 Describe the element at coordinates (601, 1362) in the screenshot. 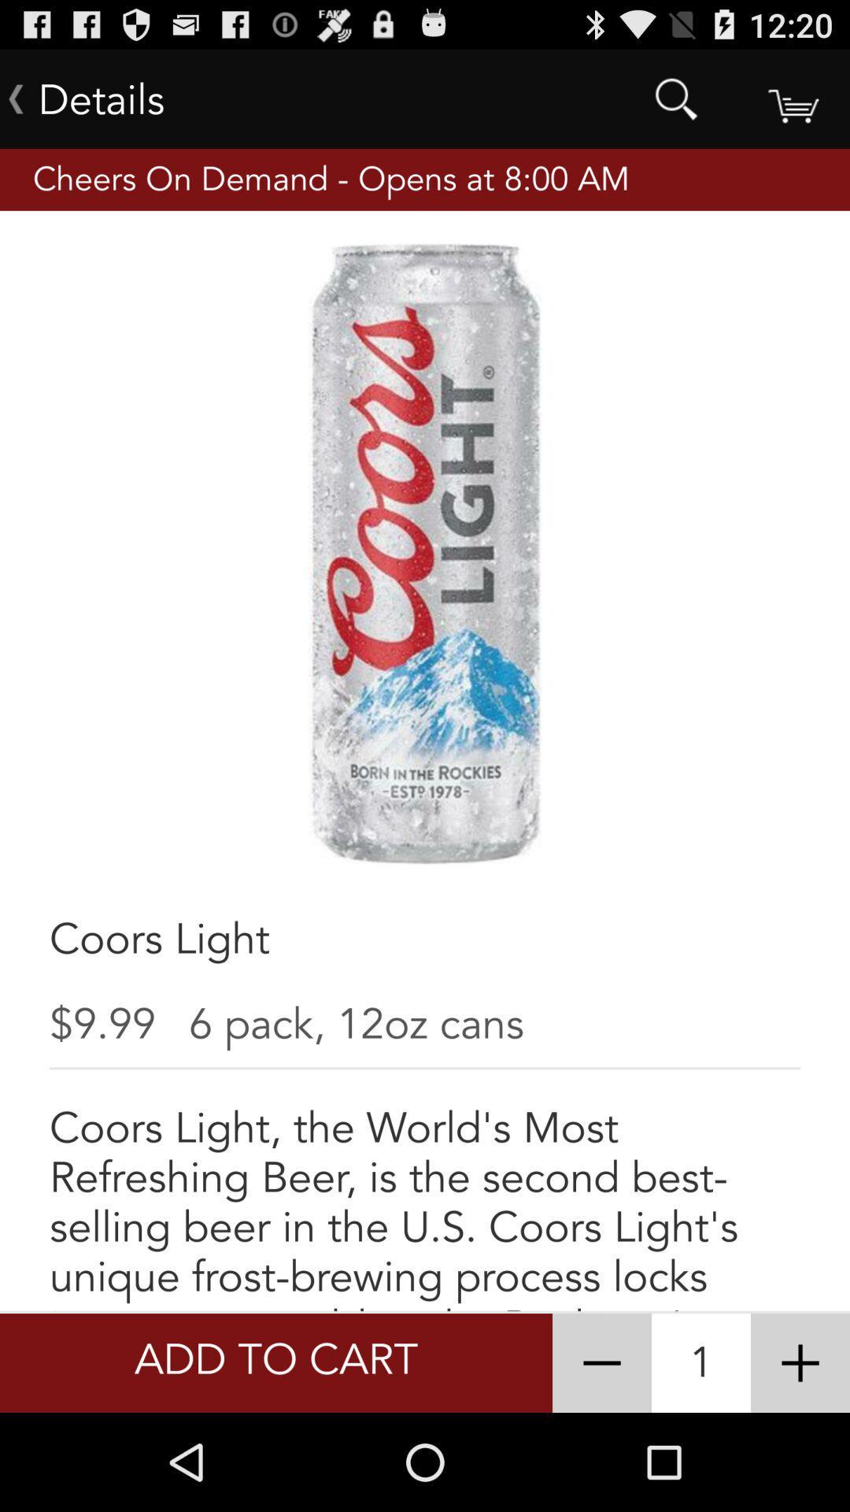

I see `item next to add to cart` at that location.